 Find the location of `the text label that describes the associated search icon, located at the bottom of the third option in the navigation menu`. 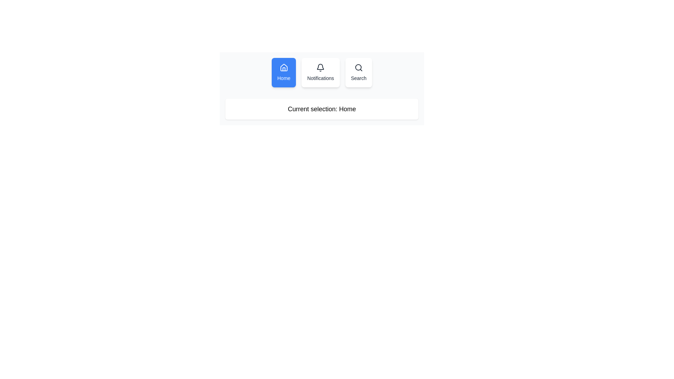

the text label that describes the associated search icon, located at the bottom of the third option in the navigation menu is located at coordinates (358, 78).